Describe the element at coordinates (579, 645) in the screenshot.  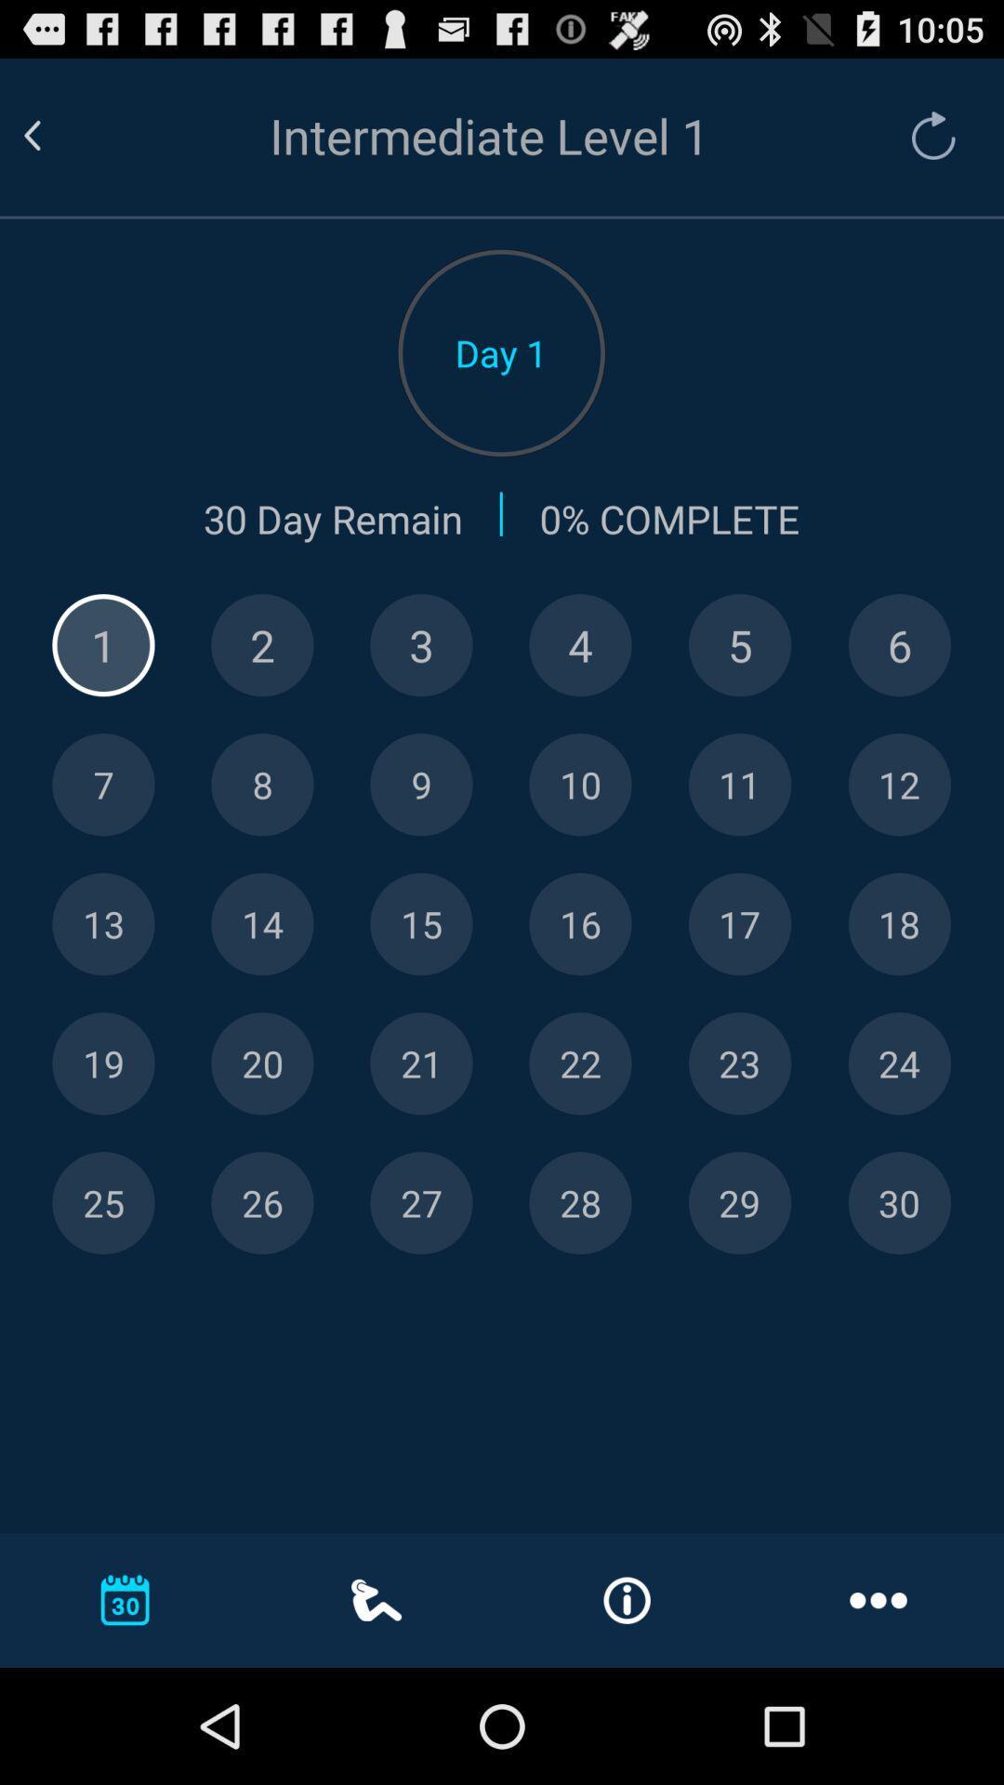
I see `day 4` at that location.